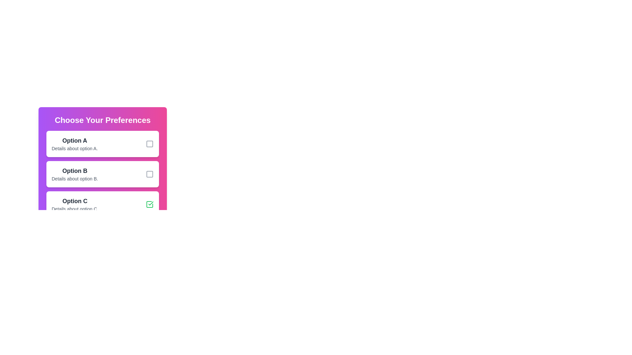 The width and height of the screenshot is (632, 355). What do you see at coordinates (102, 174) in the screenshot?
I see `the checkbox` at bounding box center [102, 174].